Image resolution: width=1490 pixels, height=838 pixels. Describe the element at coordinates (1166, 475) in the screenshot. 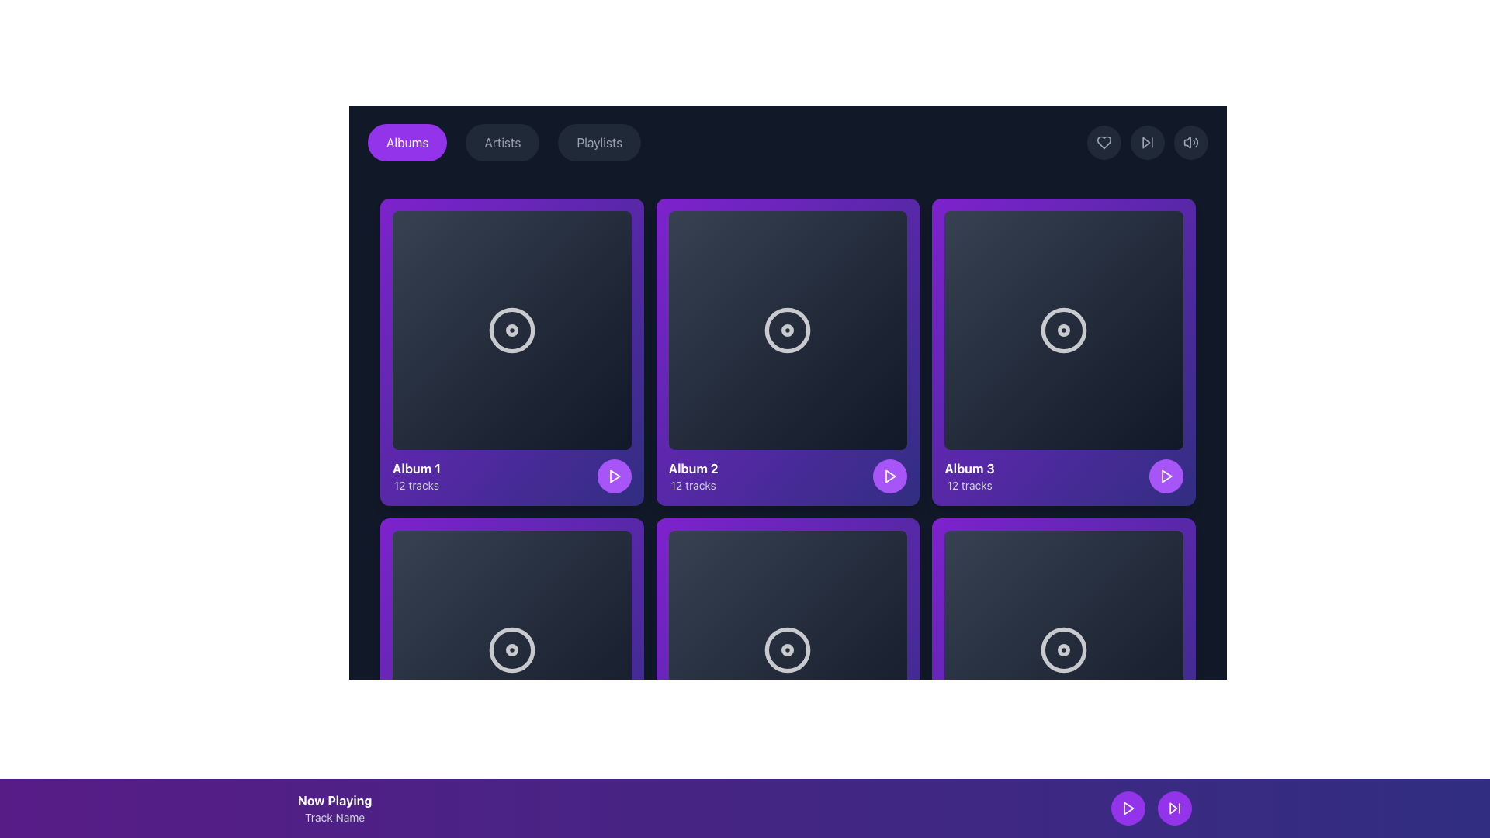

I see `the interactive button with an icon for album playback located in the controls of 'Album 3' to receive additional interaction feedback` at that location.